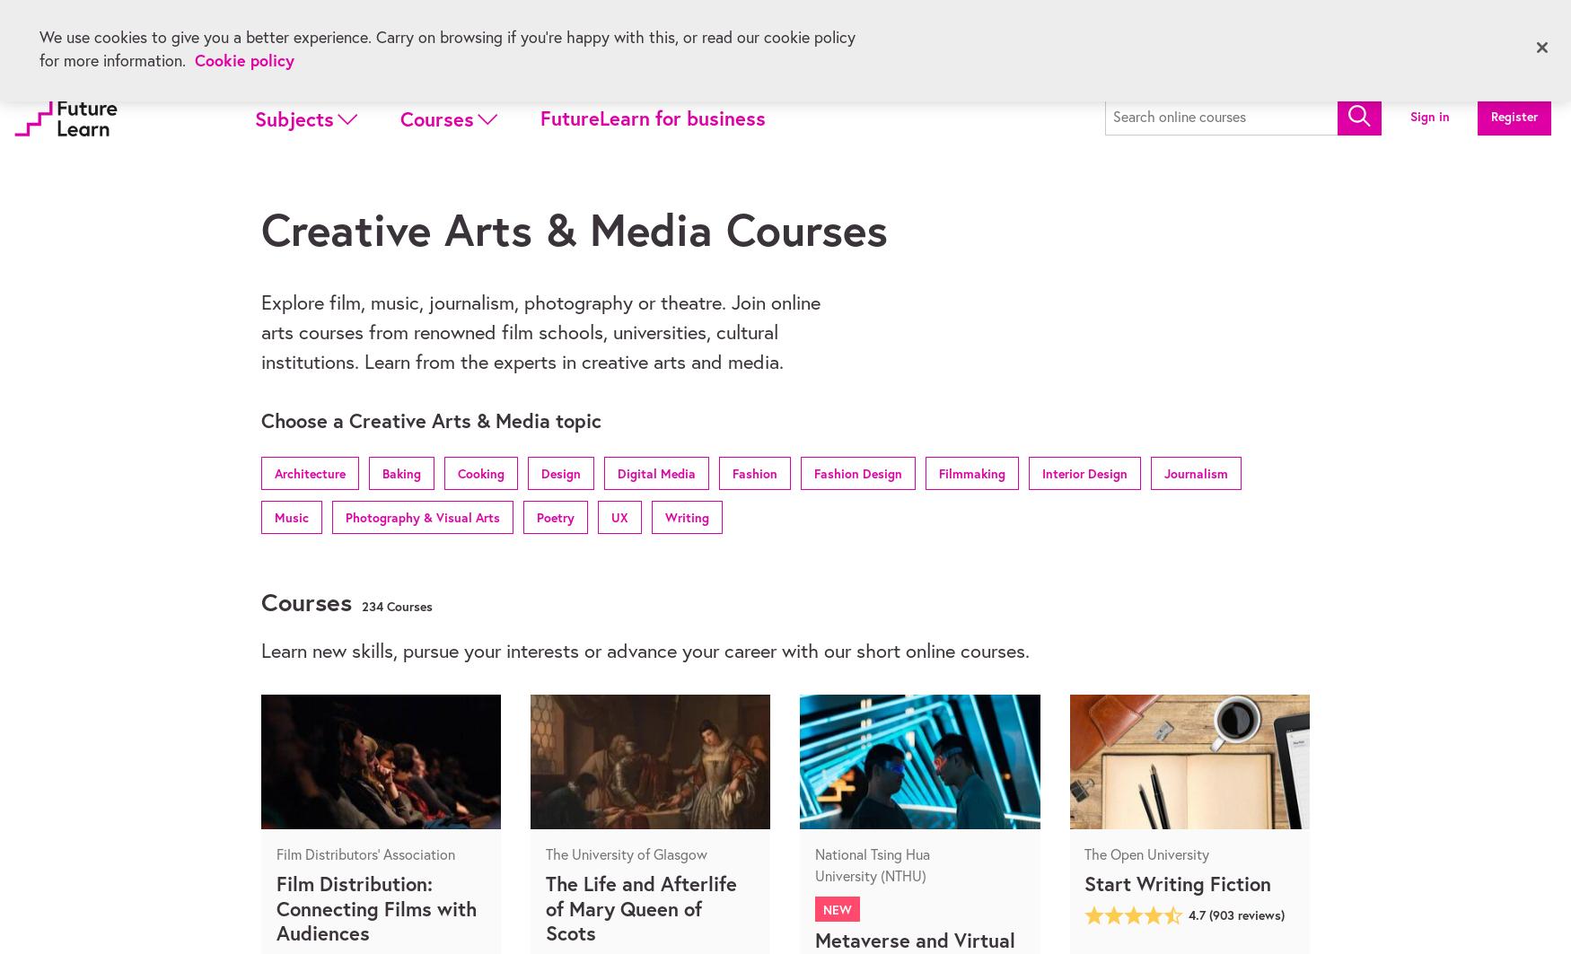 The height and width of the screenshot is (954, 1571). What do you see at coordinates (560, 472) in the screenshot?
I see `'Design'` at bounding box center [560, 472].